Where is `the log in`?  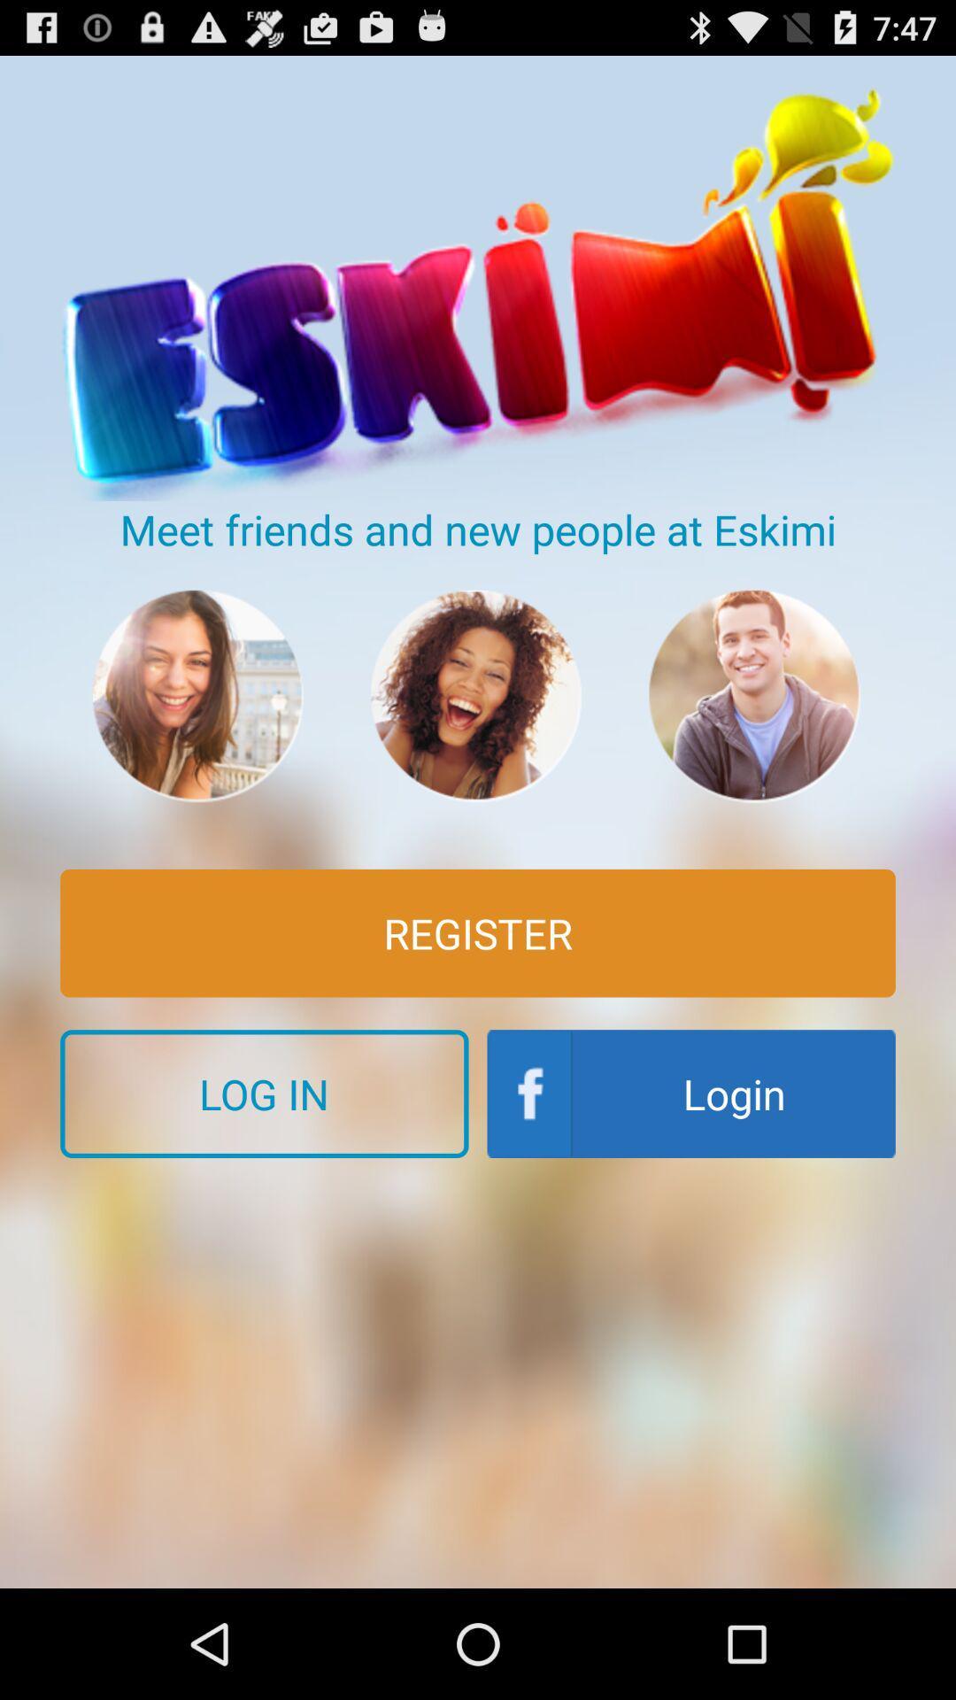
the log in is located at coordinates (264, 1093).